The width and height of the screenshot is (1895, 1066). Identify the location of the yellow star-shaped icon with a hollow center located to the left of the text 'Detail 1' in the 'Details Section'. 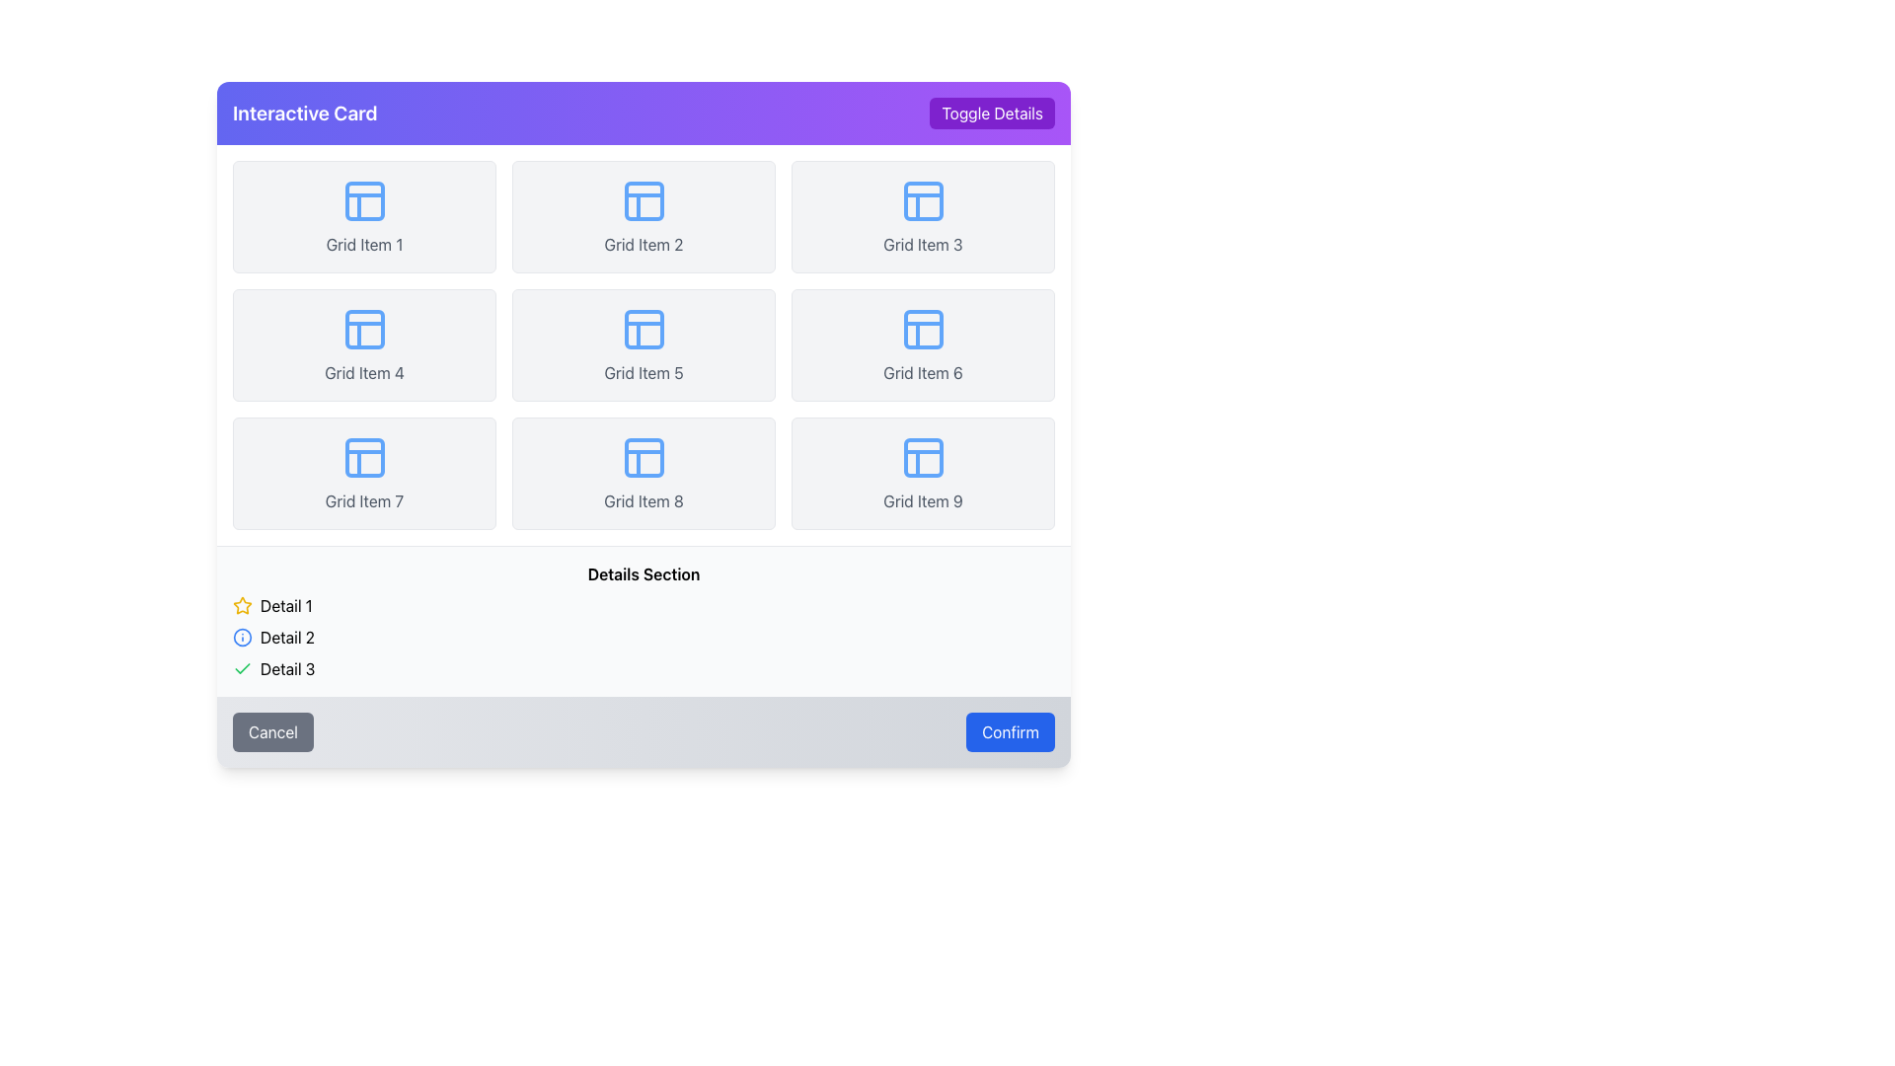
(241, 604).